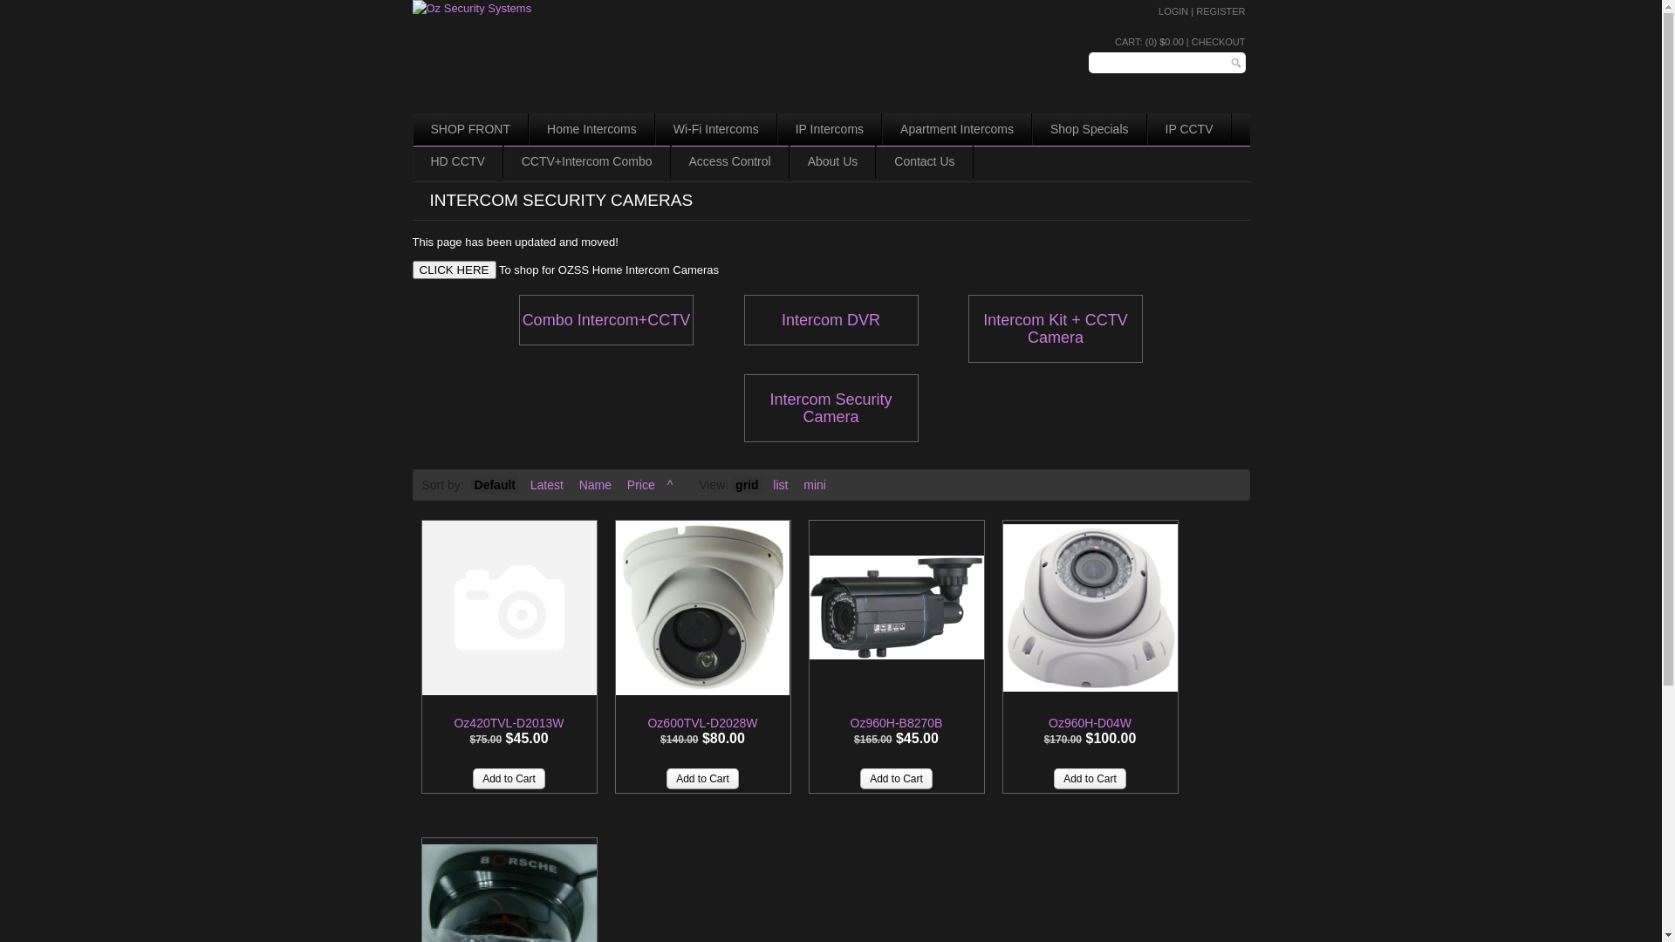 This screenshot has height=942, width=1675. What do you see at coordinates (829, 319) in the screenshot?
I see `'Intercom DVR'` at bounding box center [829, 319].